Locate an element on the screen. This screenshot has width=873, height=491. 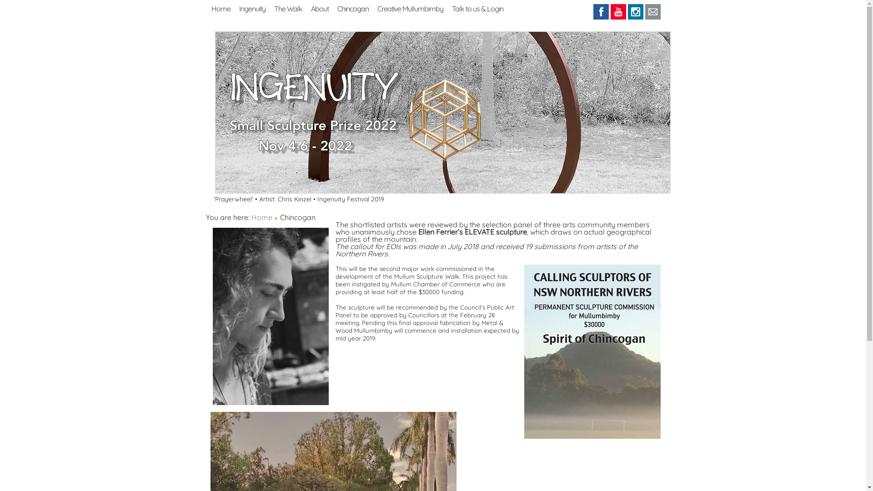
'Creative Mullumbimby' is located at coordinates (410, 7).